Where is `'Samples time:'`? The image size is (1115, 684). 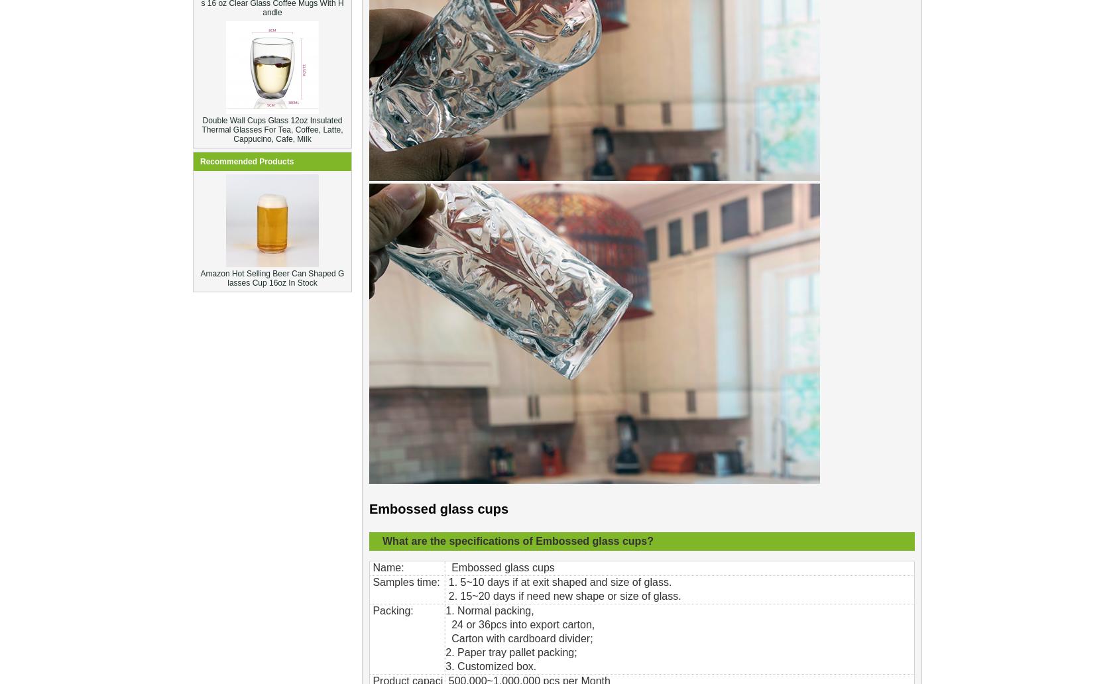 'Samples time:' is located at coordinates (369, 582).